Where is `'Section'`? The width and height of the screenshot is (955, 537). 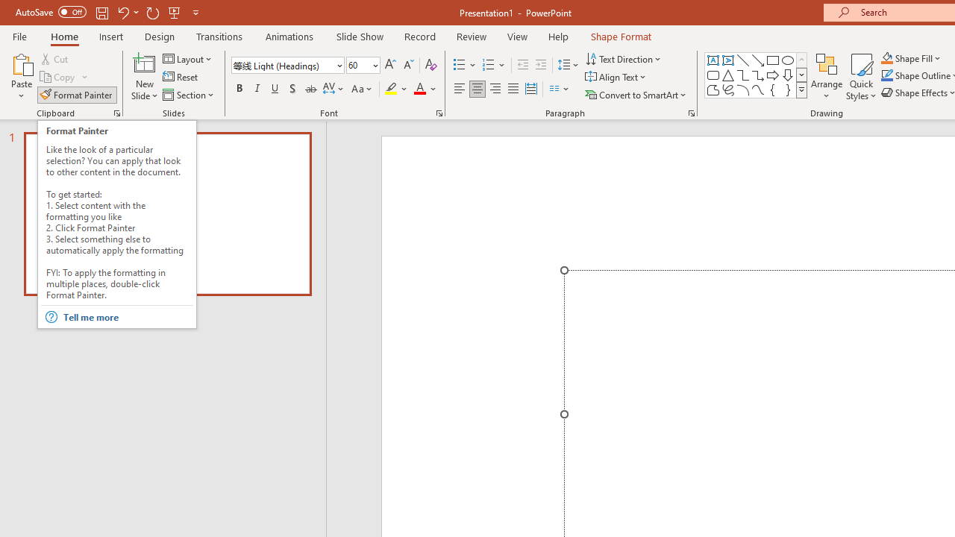 'Section' is located at coordinates (189, 95).